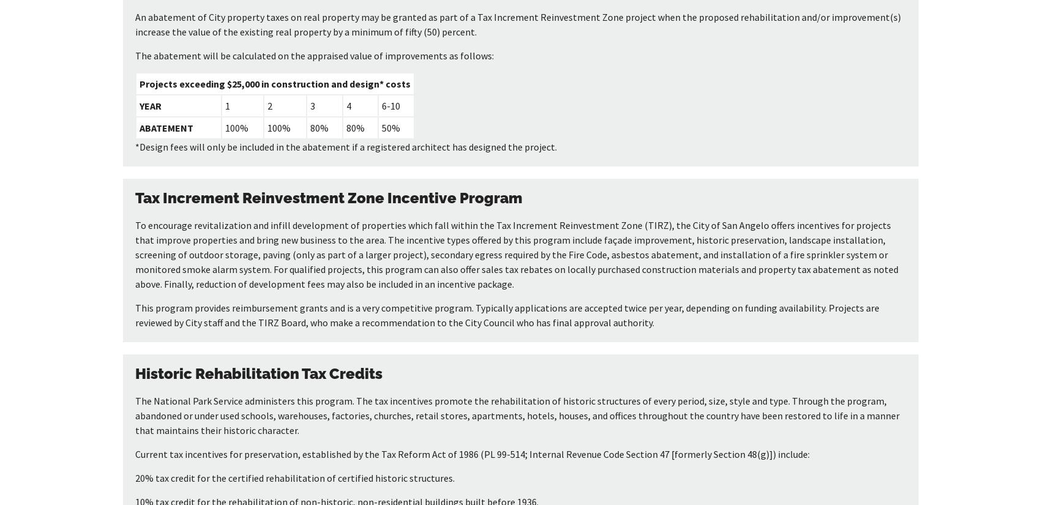 The width and height of the screenshot is (1041, 505). Describe the element at coordinates (516, 254) in the screenshot. I see `'To encourage revitalization and infill development of properties which fall within the Tax
Increment Reinvestment Zone (TIRZ), the City of San Angelo offers incentives for projects that
improve properties and bring new business to the area. The incentive types offered by this
program include façade improvement, historic preservation, landscape installation, screening of
outdoor storage, paving (only as part of a larger project), secondary egress required by the Fire
Code, asbestos abatement, and installation of a fire sprinkler system or monitored smoke alarm
system. For qualified projects, this program can also offer sales tax rebates on locally purchased
construction materials and property tax abatement as noted above. Finally, reduction of
development fees may also be included in an incentive package.'` at that location.